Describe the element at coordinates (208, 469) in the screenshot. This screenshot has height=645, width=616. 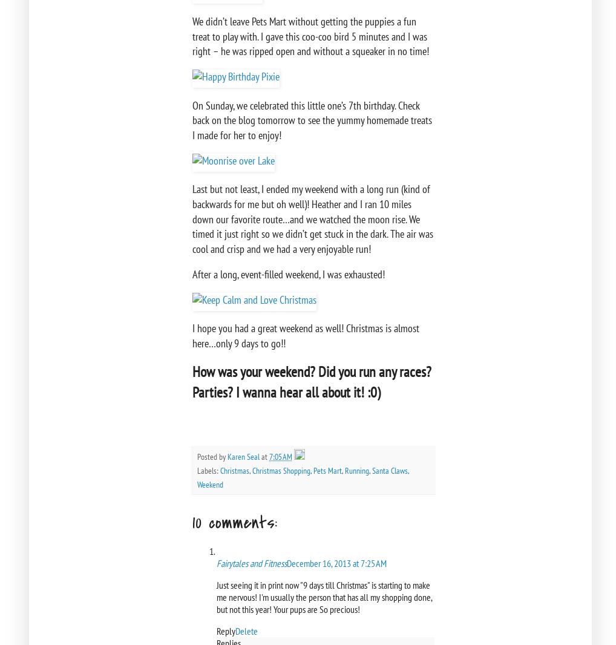
I see `'Labels:'` at that location.